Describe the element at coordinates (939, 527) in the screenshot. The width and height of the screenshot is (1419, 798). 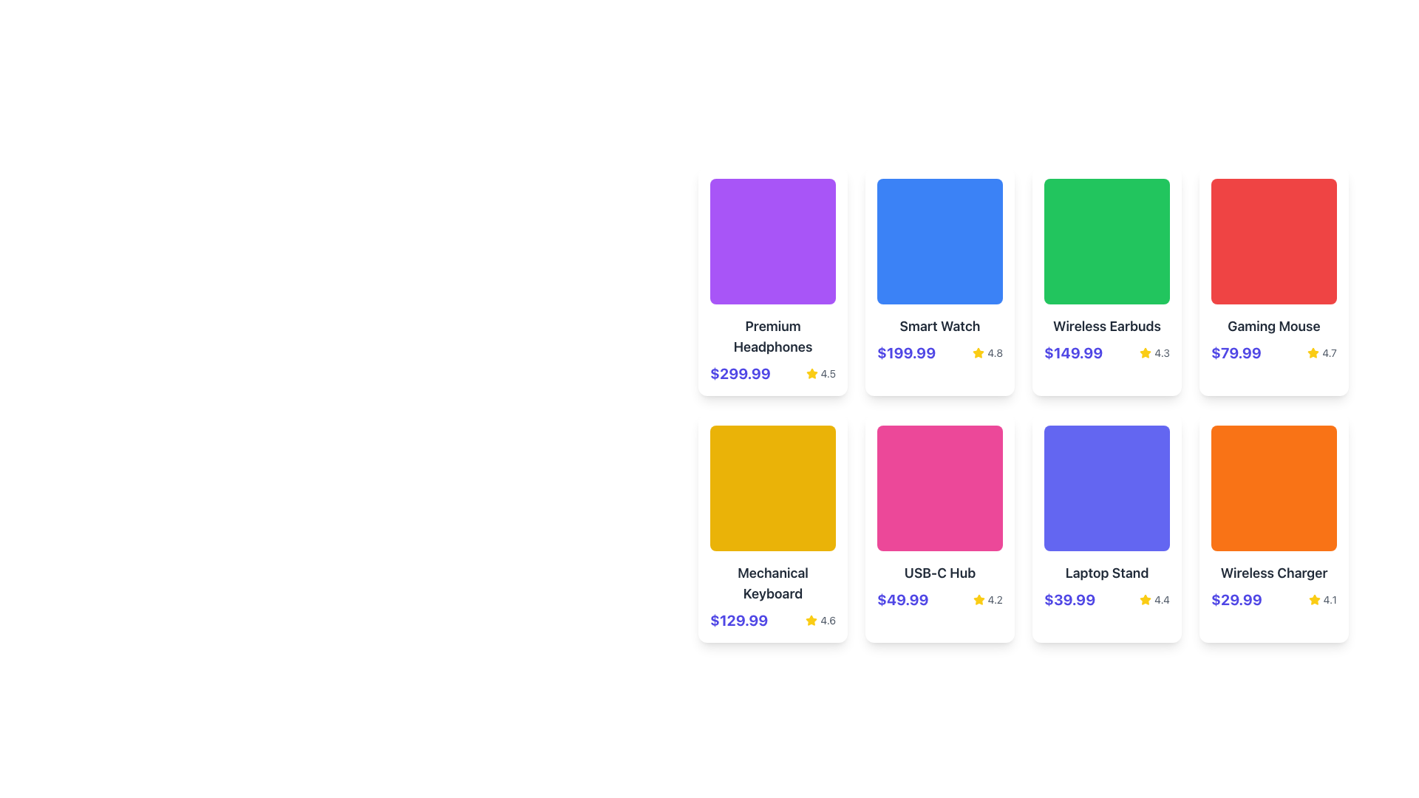
I see `the Product card representing the USB-C Hub, located in the second row of a 4x2 grid layout, specifically the second card from the left, below the 'Smart Watch' card` at that location.